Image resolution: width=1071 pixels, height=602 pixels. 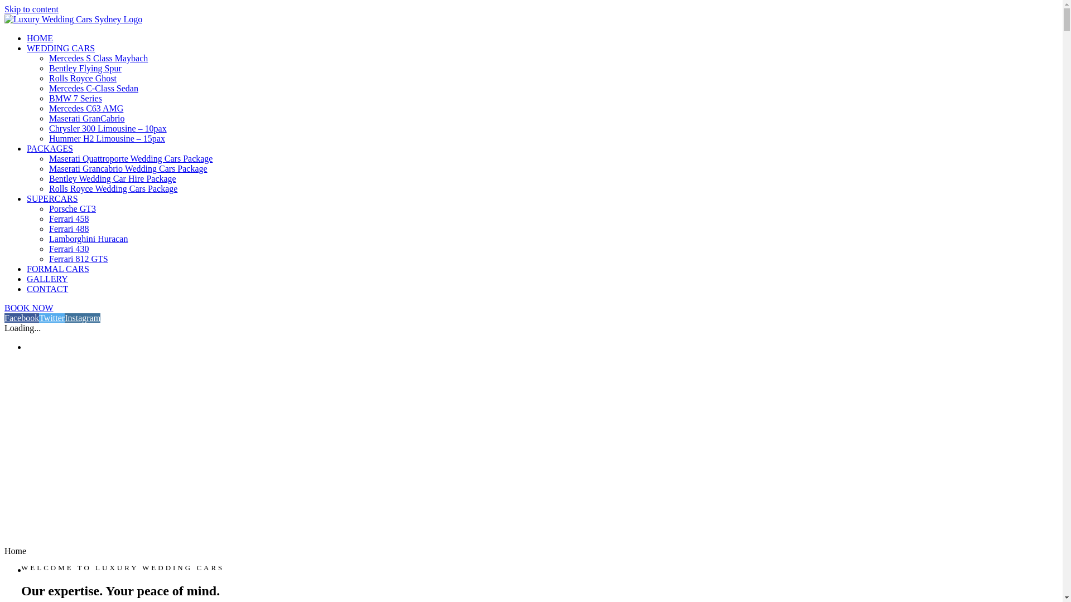 What do you see at coordinates (60, 47) in the screenshot?
I see `'WEDDING CARS'` at bounding box center [60, 47].